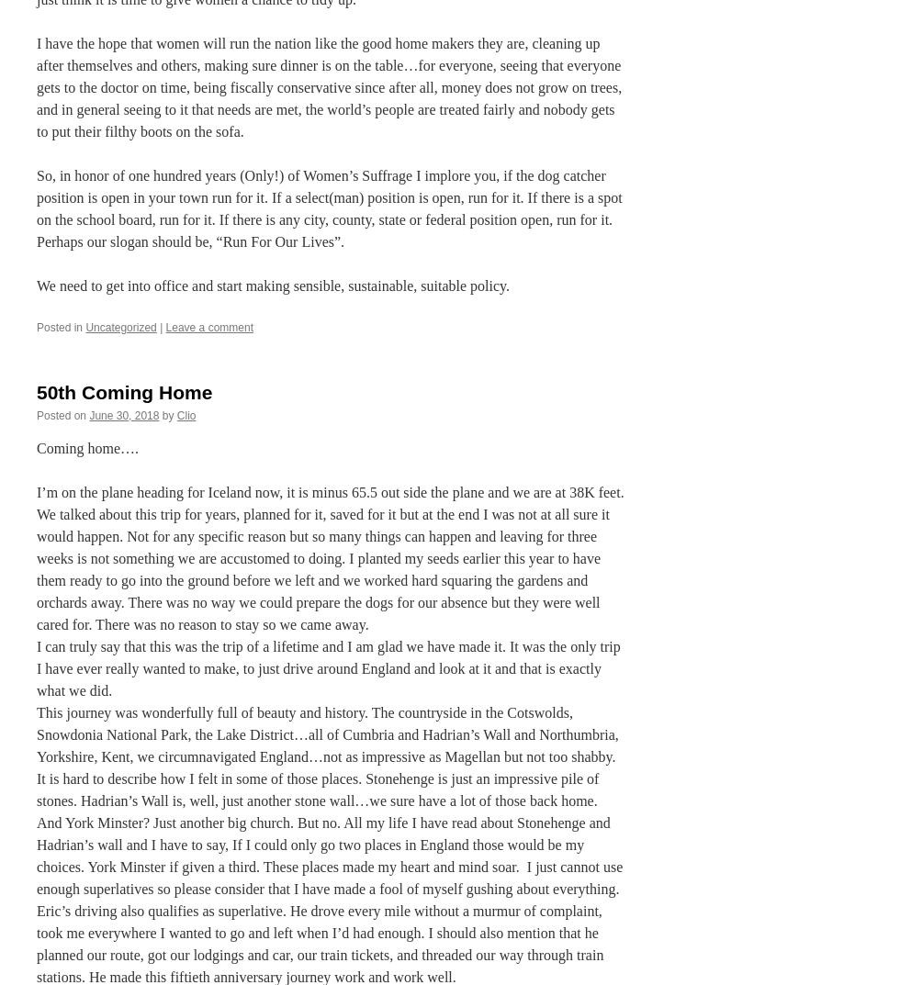  I want to click on 'Posted in', so click(59, 327).